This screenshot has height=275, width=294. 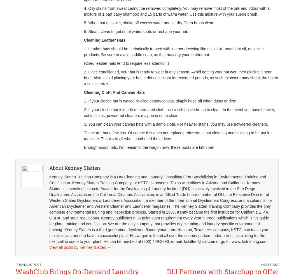 What do you see at coordinates (104, 40) in the screenshot?
I see `'Cleaning Leather Hats'` at bounding box center [104, 40].